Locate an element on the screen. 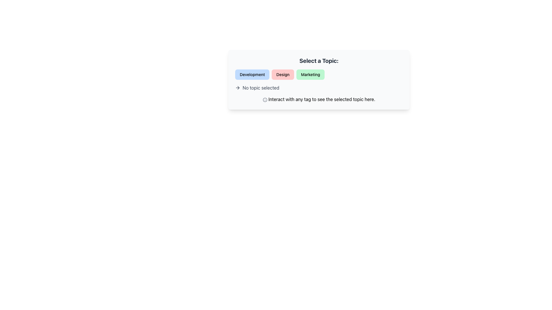 This screenshot has width=552, height=310. the 'Development' button located at the top-left corner of a group of three horizontal buttons, which also includes 'Design' and 'Marketing' buttons is located at coordinates (252, 74).